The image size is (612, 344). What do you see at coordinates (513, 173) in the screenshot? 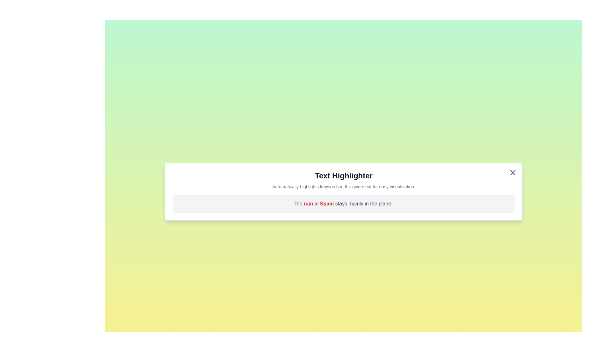
I see `the close button to close the dialog` at bounding box center [513, 173].